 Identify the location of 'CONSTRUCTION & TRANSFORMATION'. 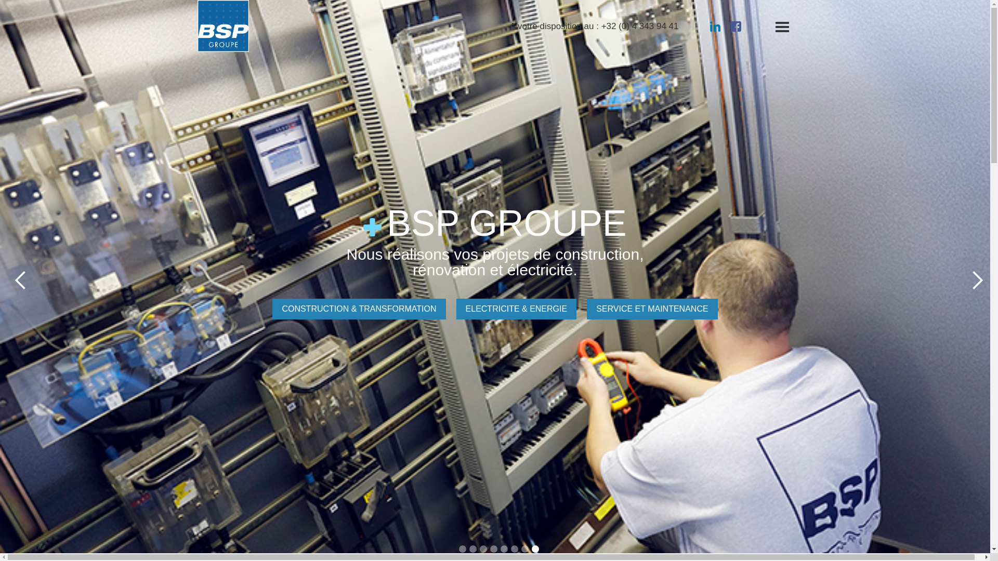
(359, 308).